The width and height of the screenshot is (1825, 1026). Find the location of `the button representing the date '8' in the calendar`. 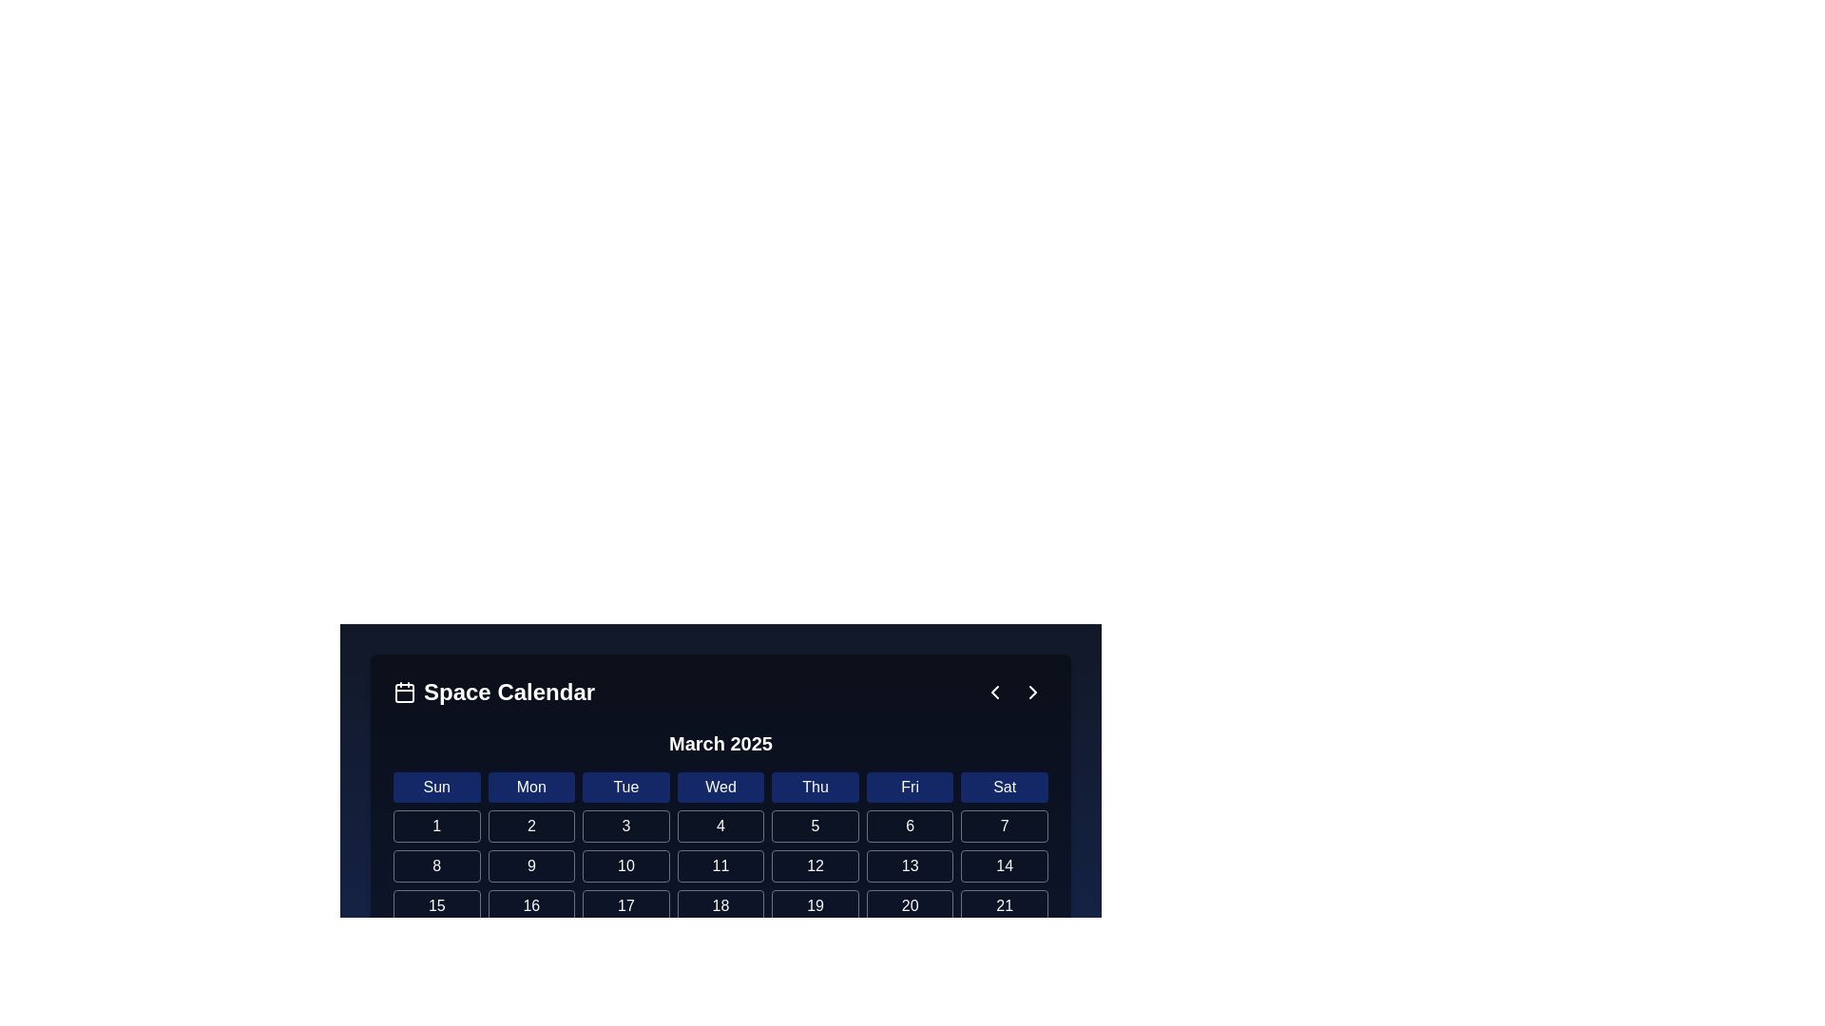

the button representing the date '8' in the calendar is located at coordinates (435, 865).